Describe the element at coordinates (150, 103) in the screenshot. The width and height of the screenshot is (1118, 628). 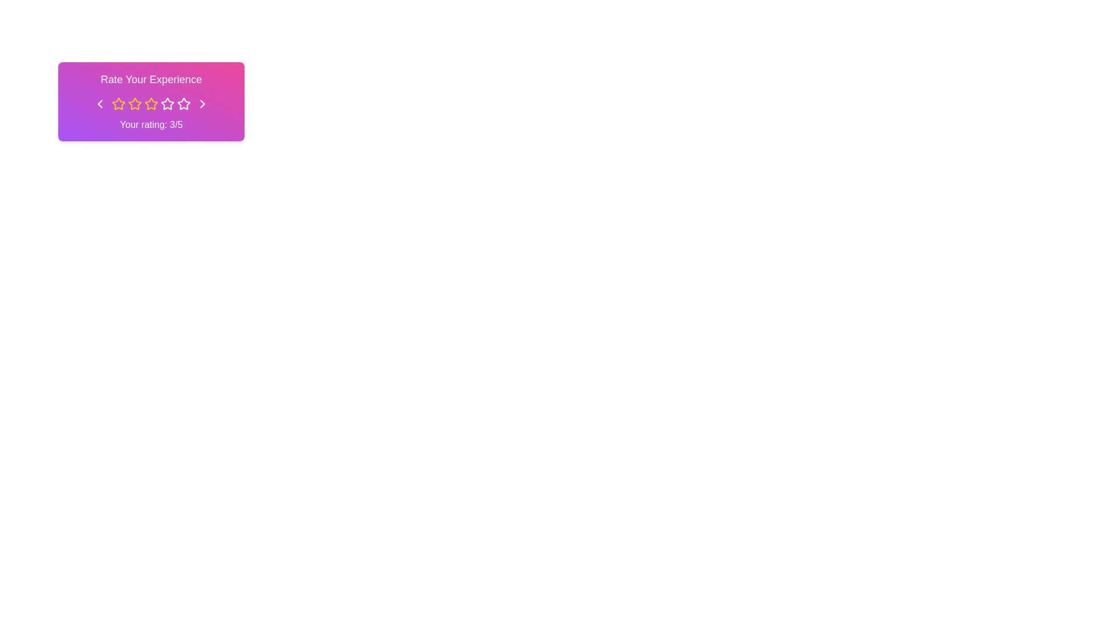
I see `the third yellow star in the rating system` at that location.